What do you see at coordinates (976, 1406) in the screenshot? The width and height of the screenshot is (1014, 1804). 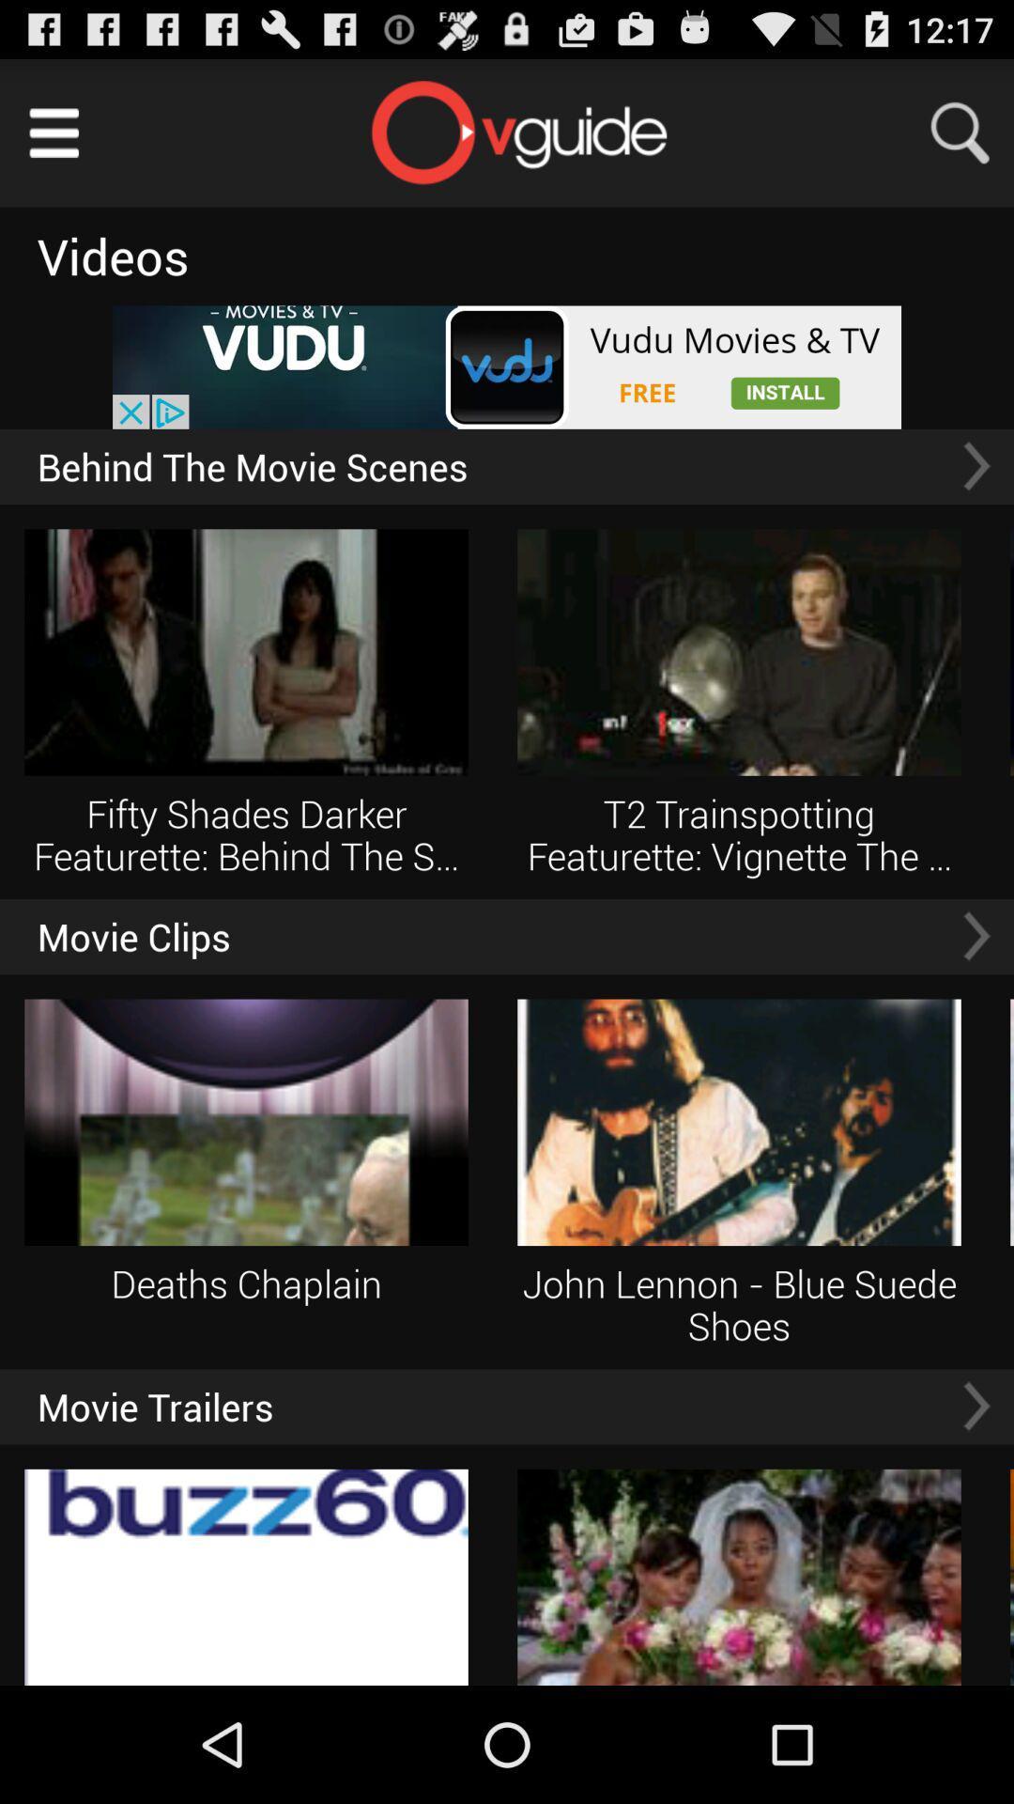 I see `advances to next page` at bounding box center [976, 1406].